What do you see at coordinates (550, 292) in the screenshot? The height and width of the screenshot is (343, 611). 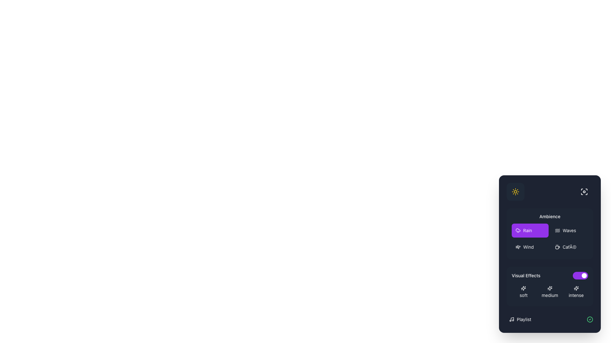 I see `the button labeled 'medium' that is positioned in the center of three aligned buttons with rounded borders` at bounding box center [550, 292].